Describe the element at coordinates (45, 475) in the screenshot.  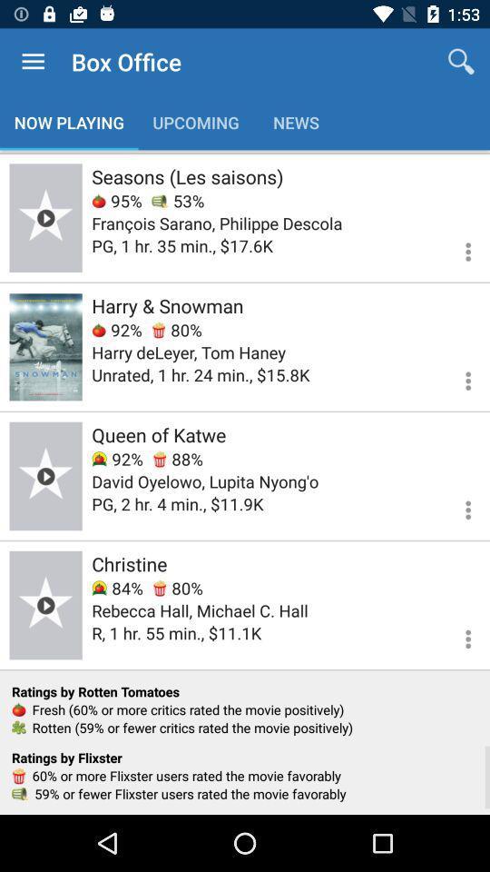
I see `video button` at that location.